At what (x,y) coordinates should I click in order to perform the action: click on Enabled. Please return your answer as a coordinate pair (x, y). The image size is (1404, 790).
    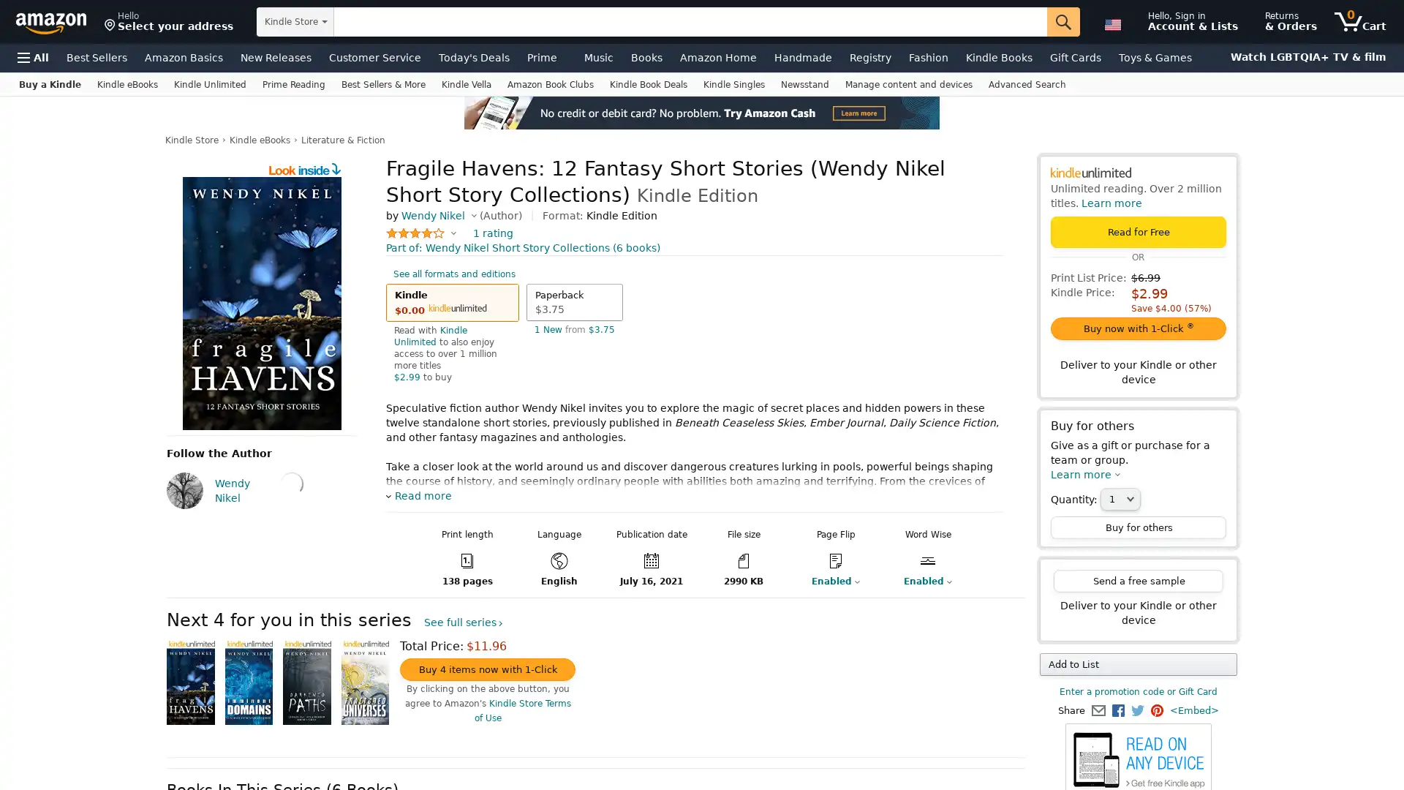
    Looking at the image, I should click on (918, 580).